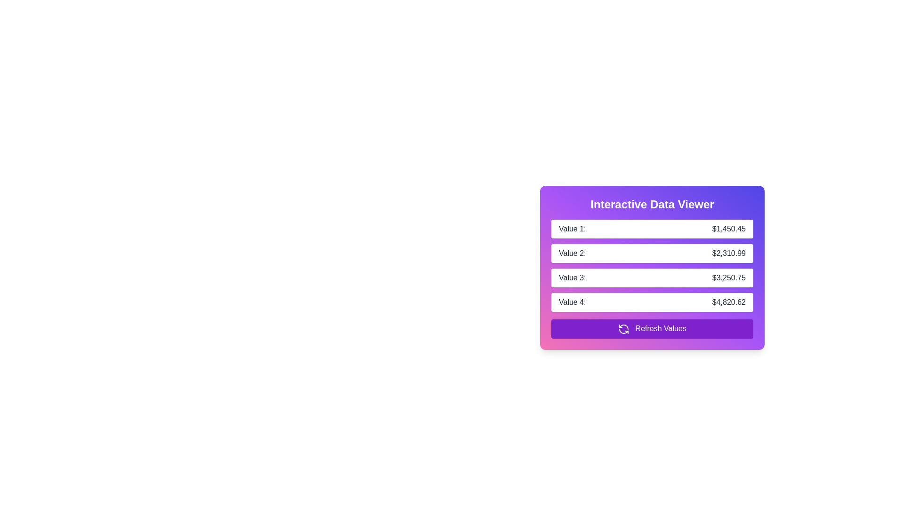 The width and height of the screenshot is (904, 508). Describe the element at coordinates (572, 302) in the screenshot. I see `the text label displaying 'Value 4:' which is part of the 'Interactive Data Viewer' panel layout` at that location.